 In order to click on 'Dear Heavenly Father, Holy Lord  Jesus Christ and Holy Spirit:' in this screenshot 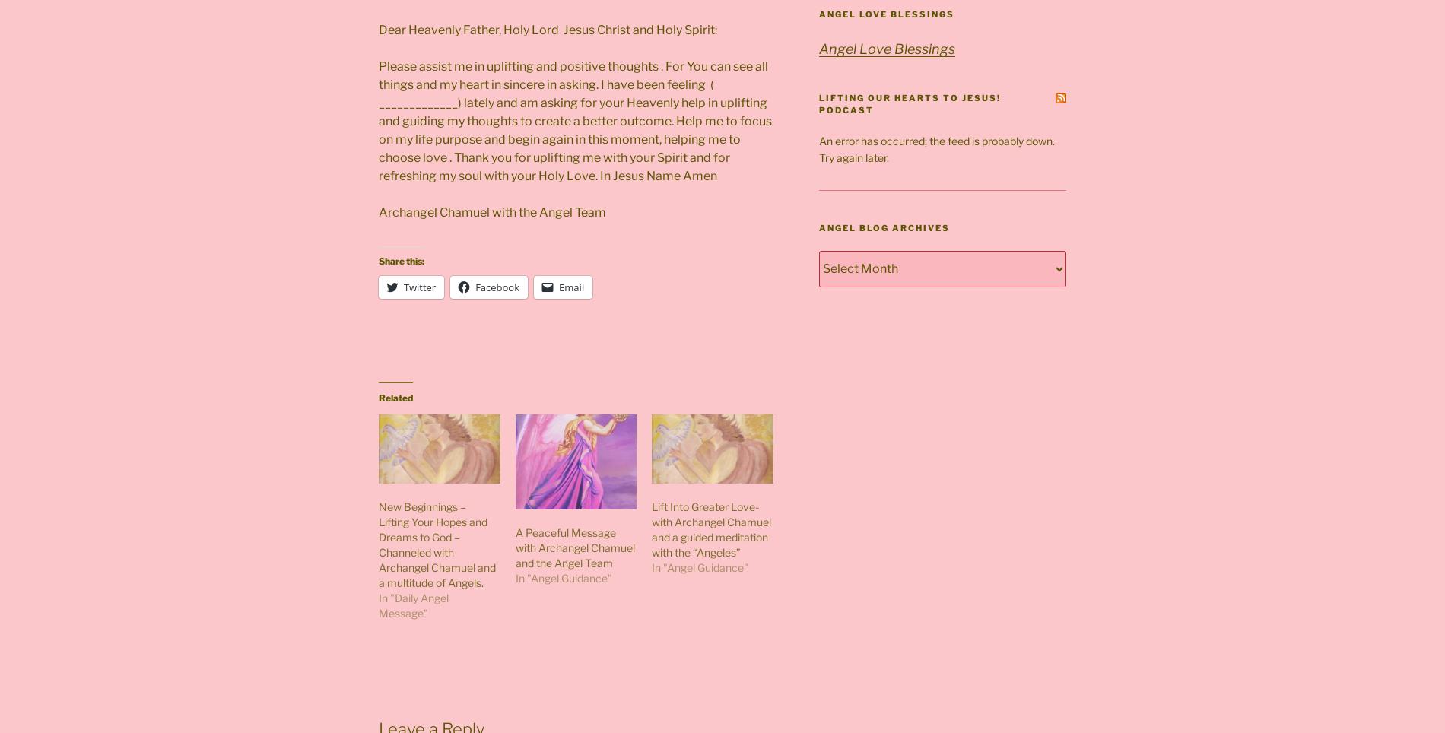, I will do `click(378, 28)`.